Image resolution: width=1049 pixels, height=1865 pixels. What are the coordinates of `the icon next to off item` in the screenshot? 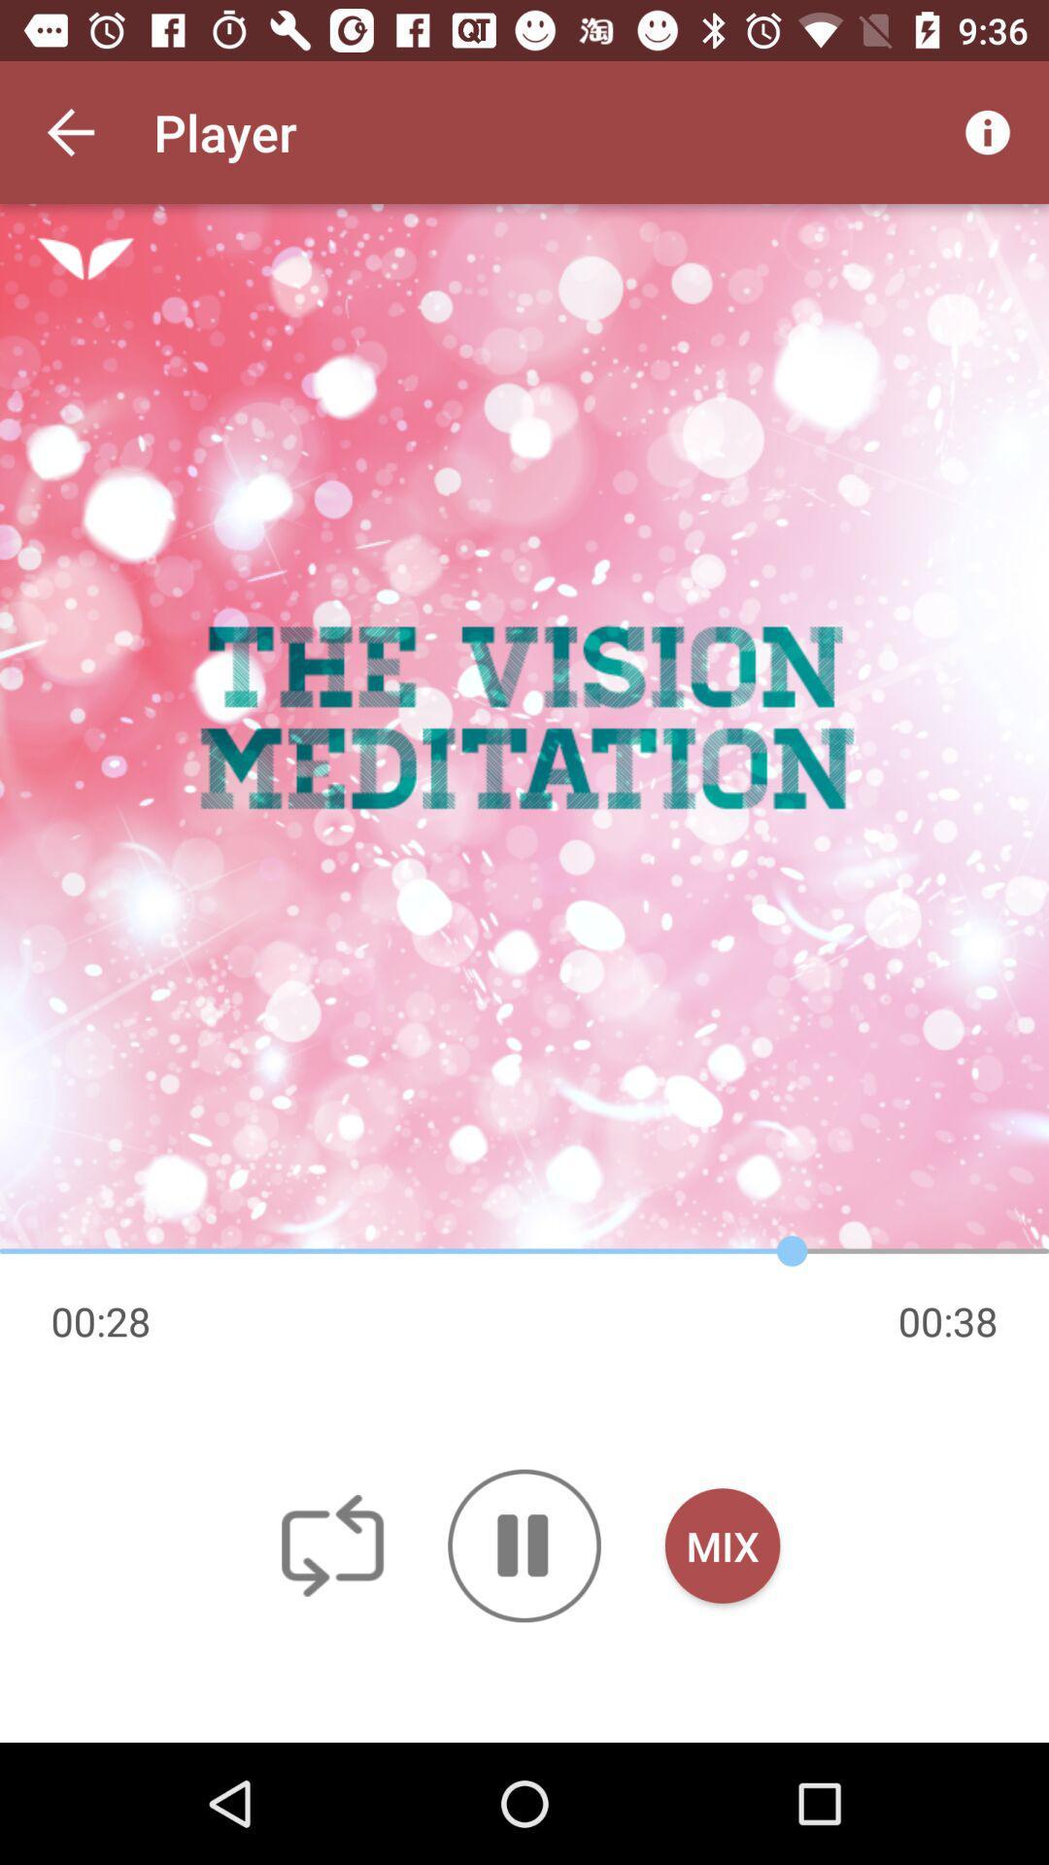 It's located at (524, 1544).